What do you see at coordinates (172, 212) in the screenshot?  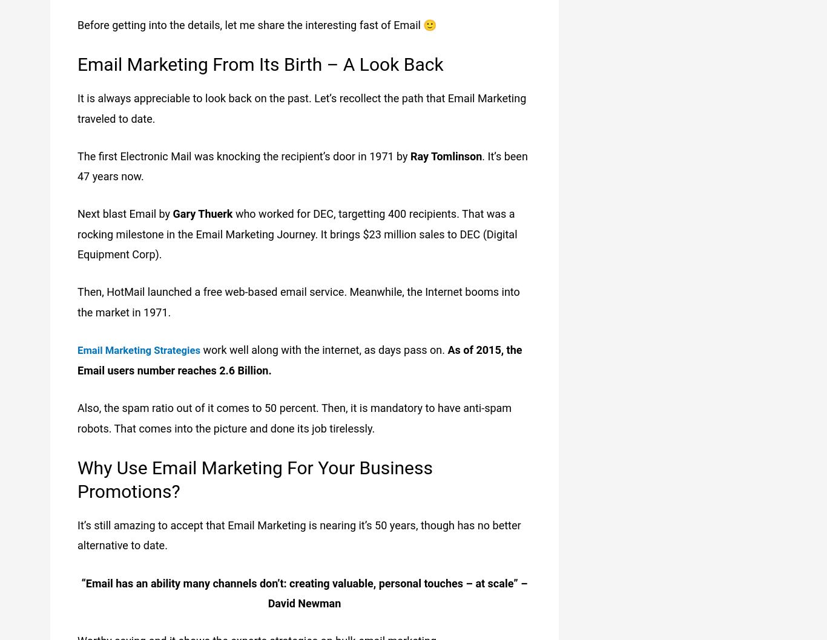 I see `'Gary Thuerk'` at bounding box center [172, 212].